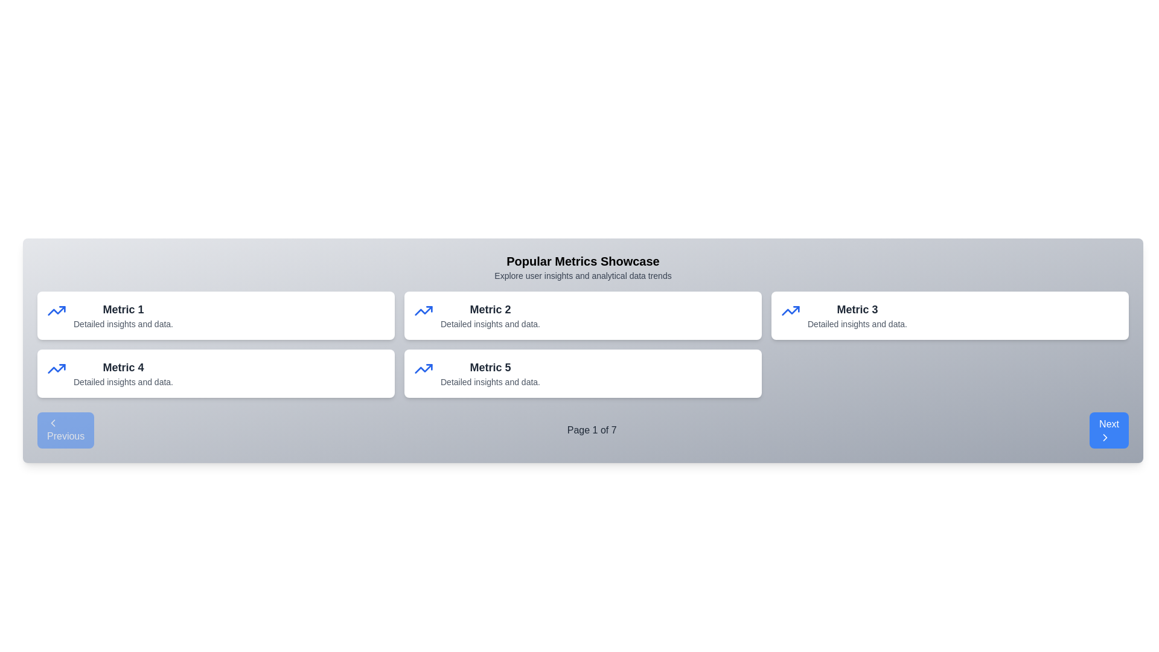  I want to click on the text display showing 'Detailed insights and data.' located under the label 'Metric 1' in the top-left card of the grid layout, so click(123, 323).